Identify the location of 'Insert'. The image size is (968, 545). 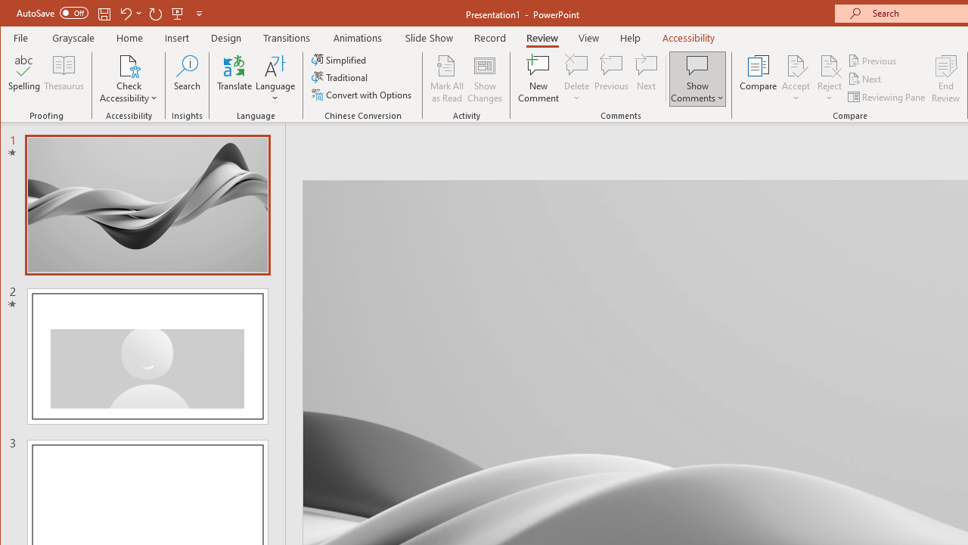
(177, 37).